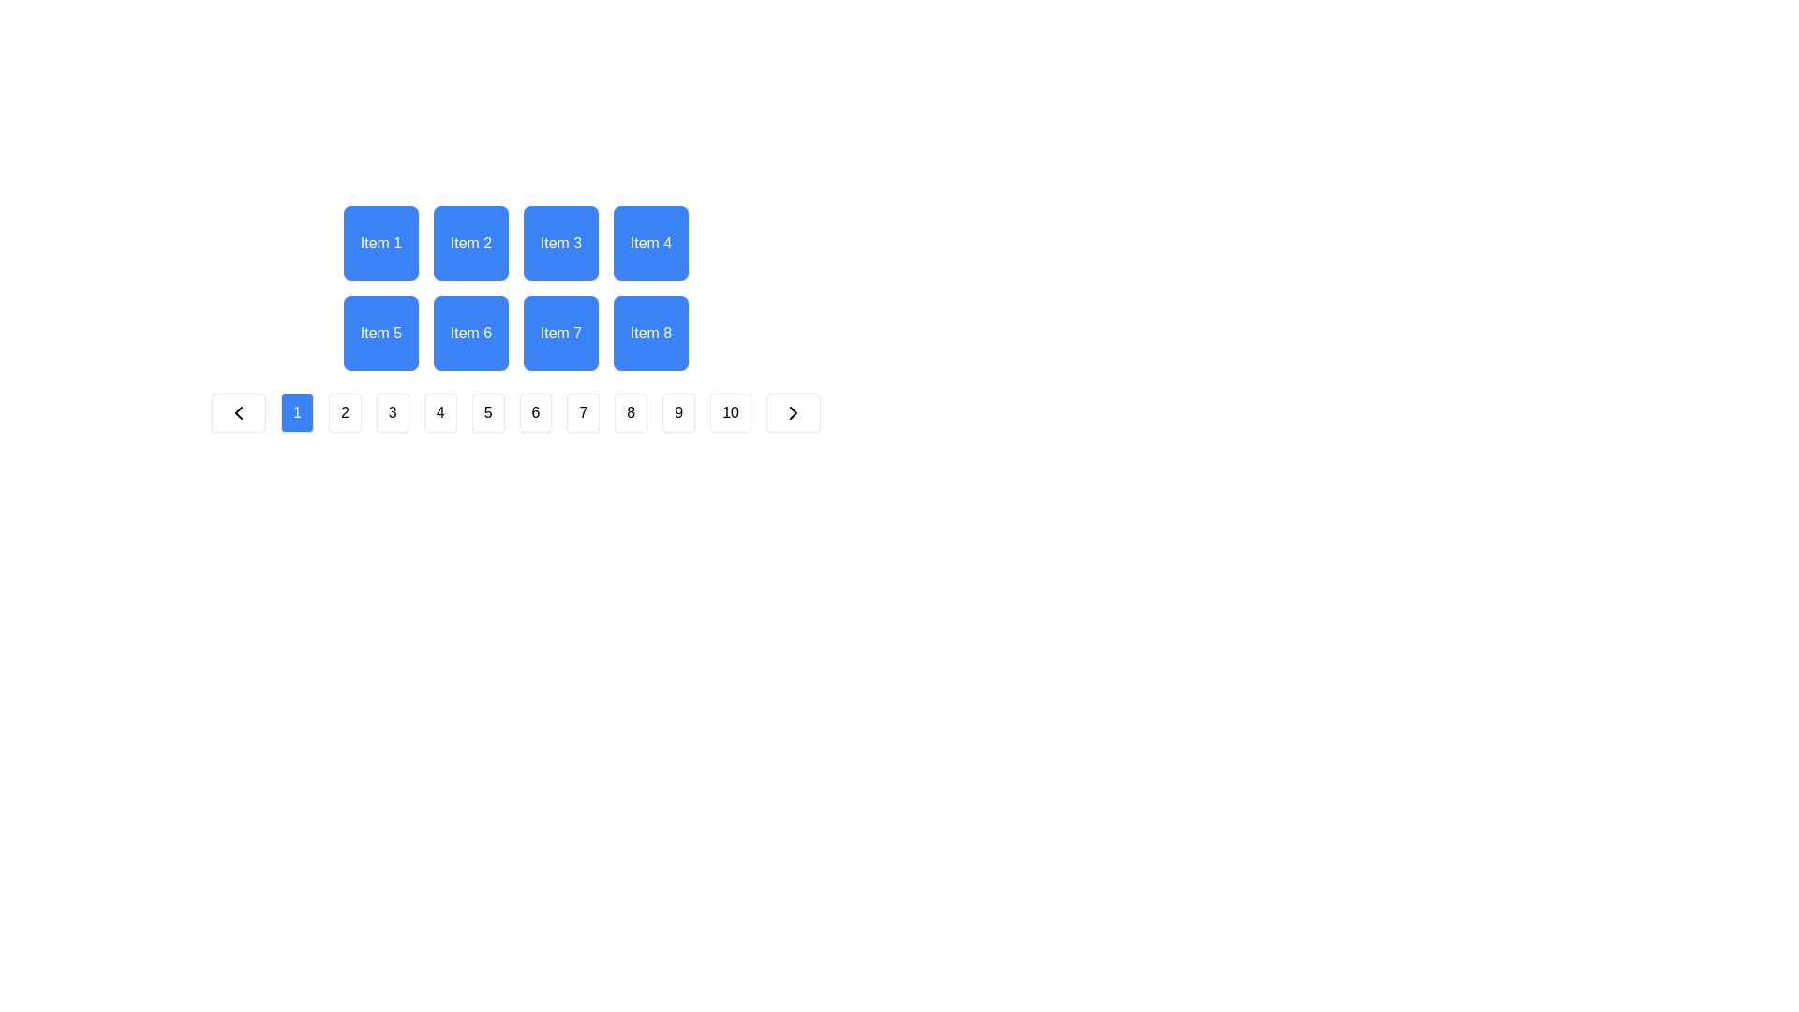 This screenshot has height=1012, width=1799. Describe the element at coordinates (439, 411) in the screenshot. I see `the rectangular button labeled '4', which is the fourth button in a horizontal sequence of numbered buttons` at that location.